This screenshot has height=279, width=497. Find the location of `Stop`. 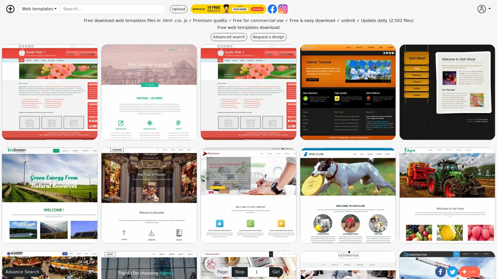

Stop is located at coordinates (239, 272).